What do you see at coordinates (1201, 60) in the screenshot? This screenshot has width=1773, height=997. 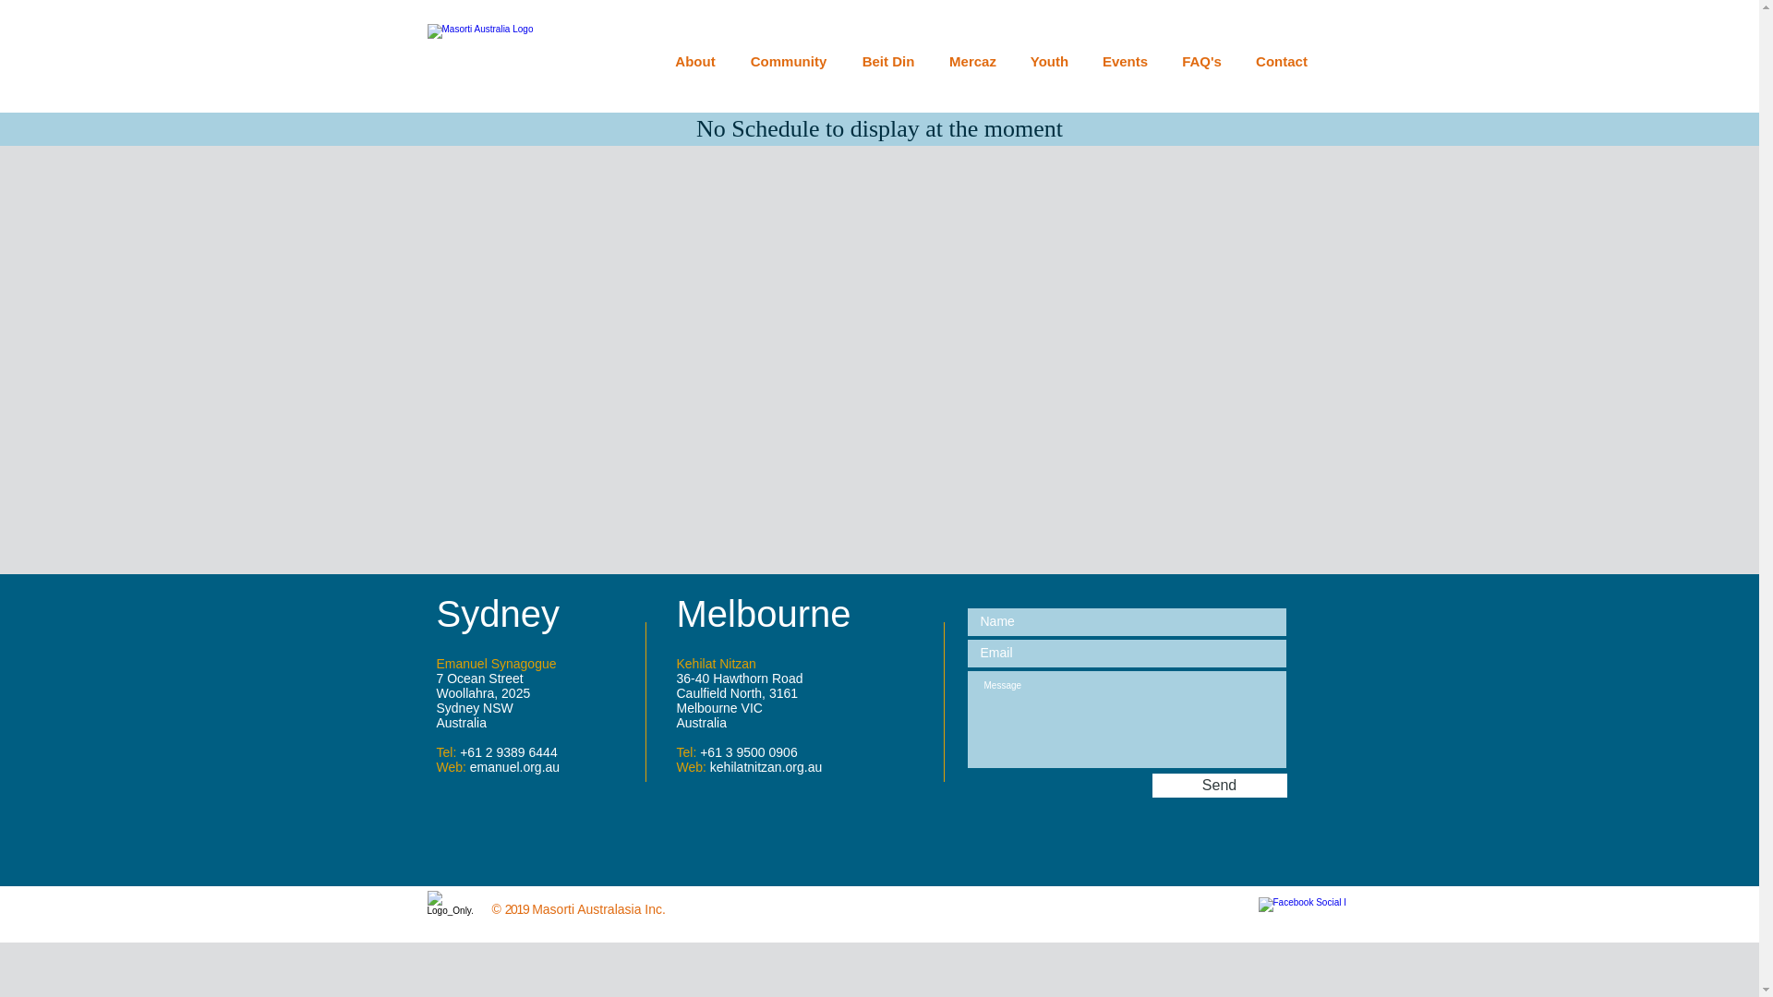 I see `'FAQ's'` at bounding box center [1201, 60].